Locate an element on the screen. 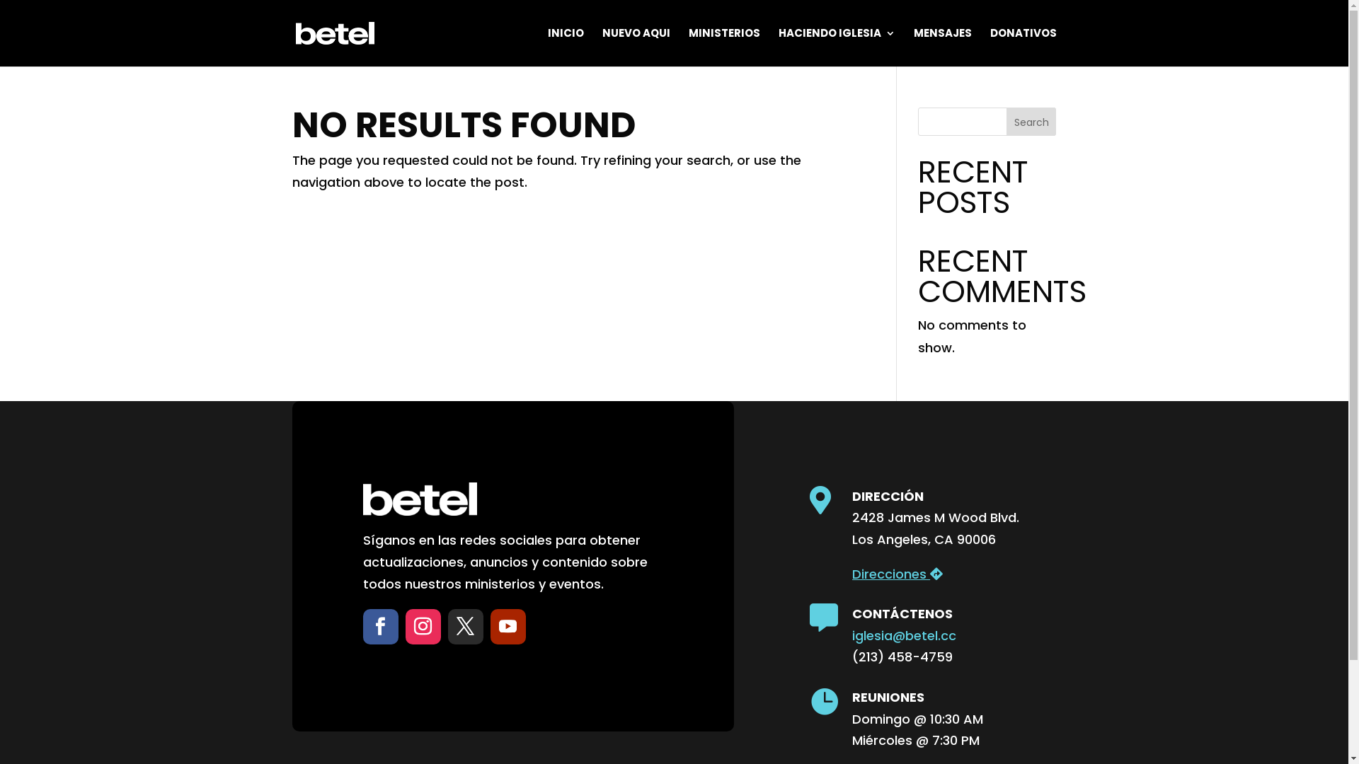 This screenshot has width=1359, height=764. 'Search' is located at coordinates (1031, 121).